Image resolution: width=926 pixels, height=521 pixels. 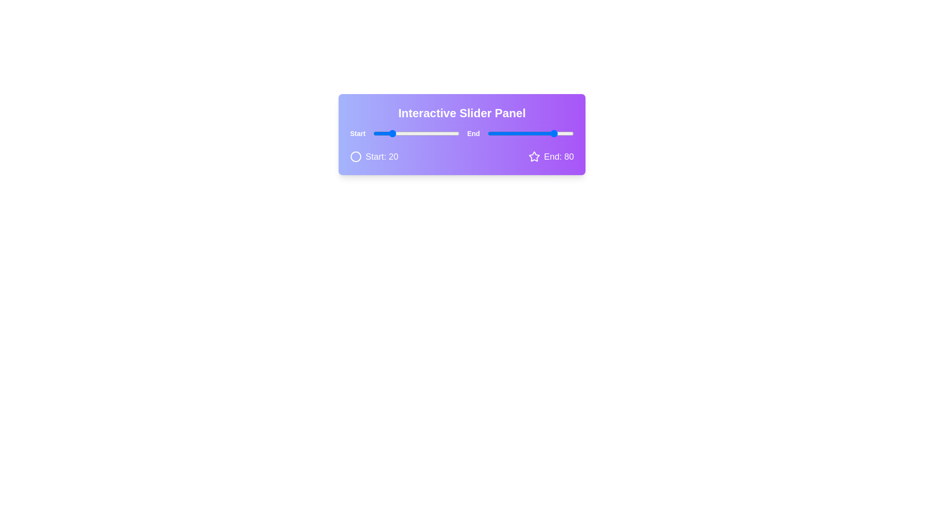 What do you see at coordinates (516, 134) in the screenshot?
I see `the slider` at bounding box center [516, 134].